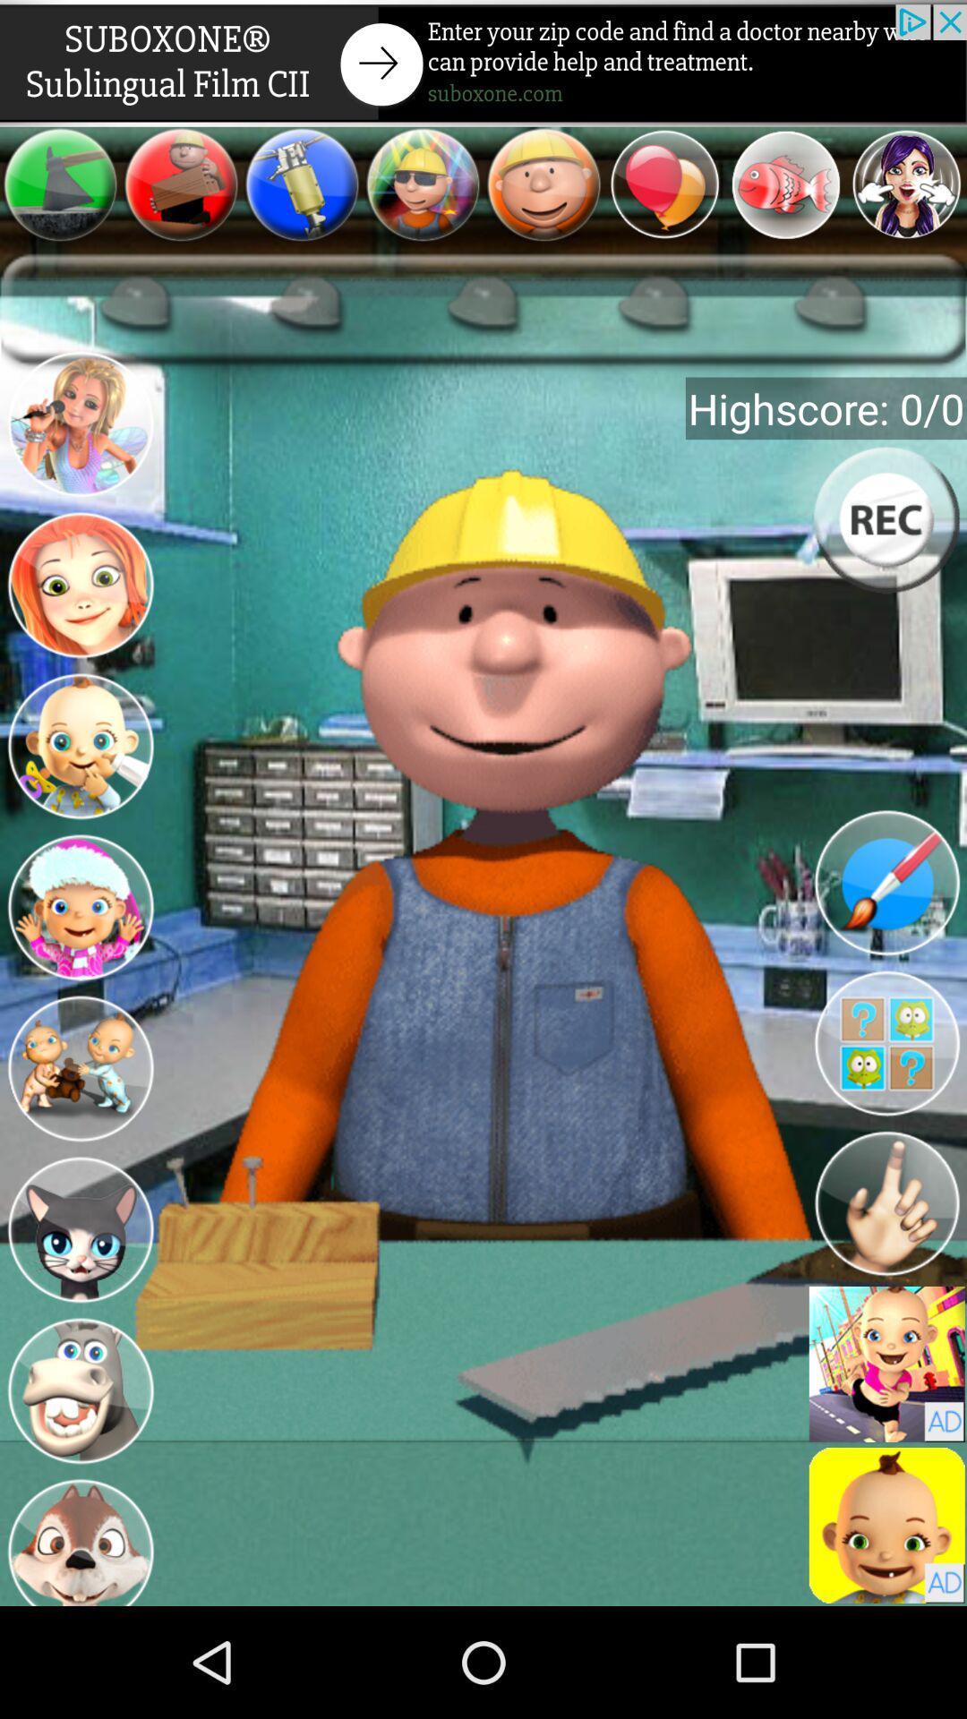 Image resolution: width=967 pixels, height=1719 pixels. Describe the element at coordinates (79, 798) in the screenshot. I see `the avatar icon` at that location.